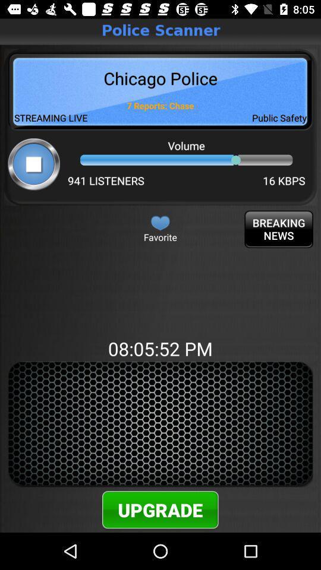  What do you see at coordinates (34, 163) in the screenshot?
I see `stop` at bounding box center [34, 163].